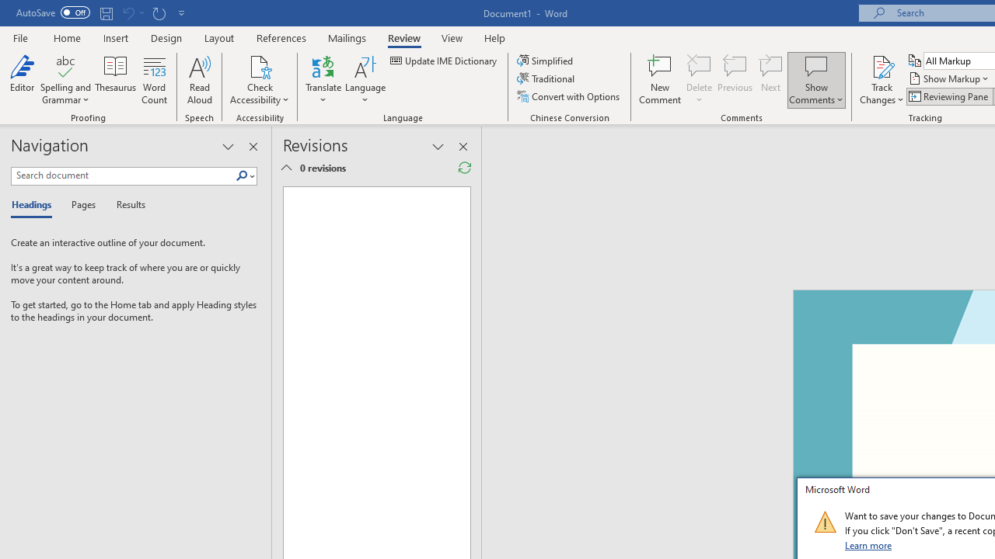 This screenshot has height=559, width=995. What do you see at coordinates (8, 9) in the screenshot?
I see `'System'` at bounding box center [8, 9].